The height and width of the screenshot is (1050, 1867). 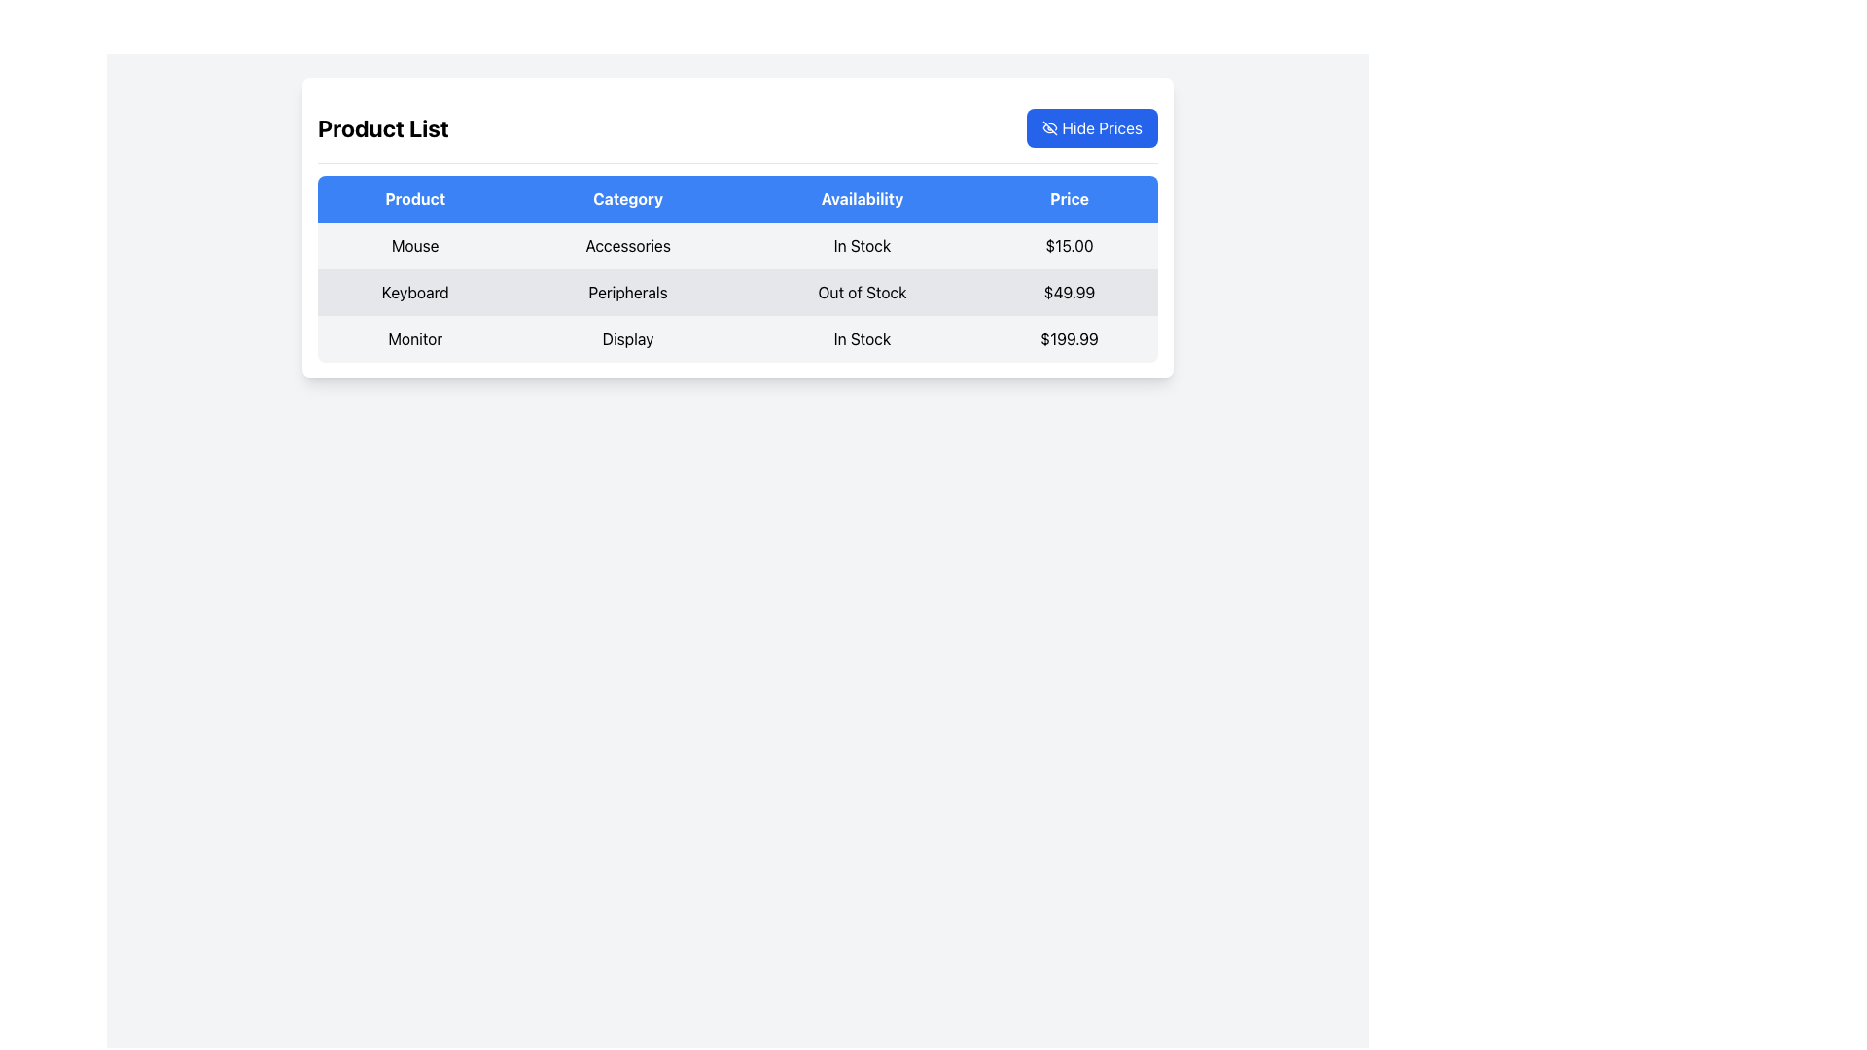 I want to click on the toggle button for pricing information in the product list to observe its hover effect, so click(x=1092, y=127).